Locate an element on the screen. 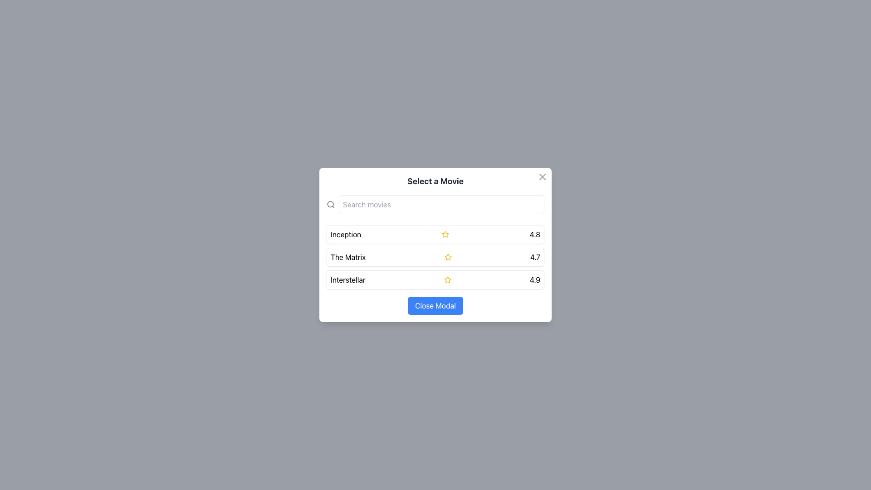 The width and height of the screenshot is (871, 490). the star icon that represents the rating for the movie 'Inception', located between the movie name and its rating is located at coordinates (445, 234).